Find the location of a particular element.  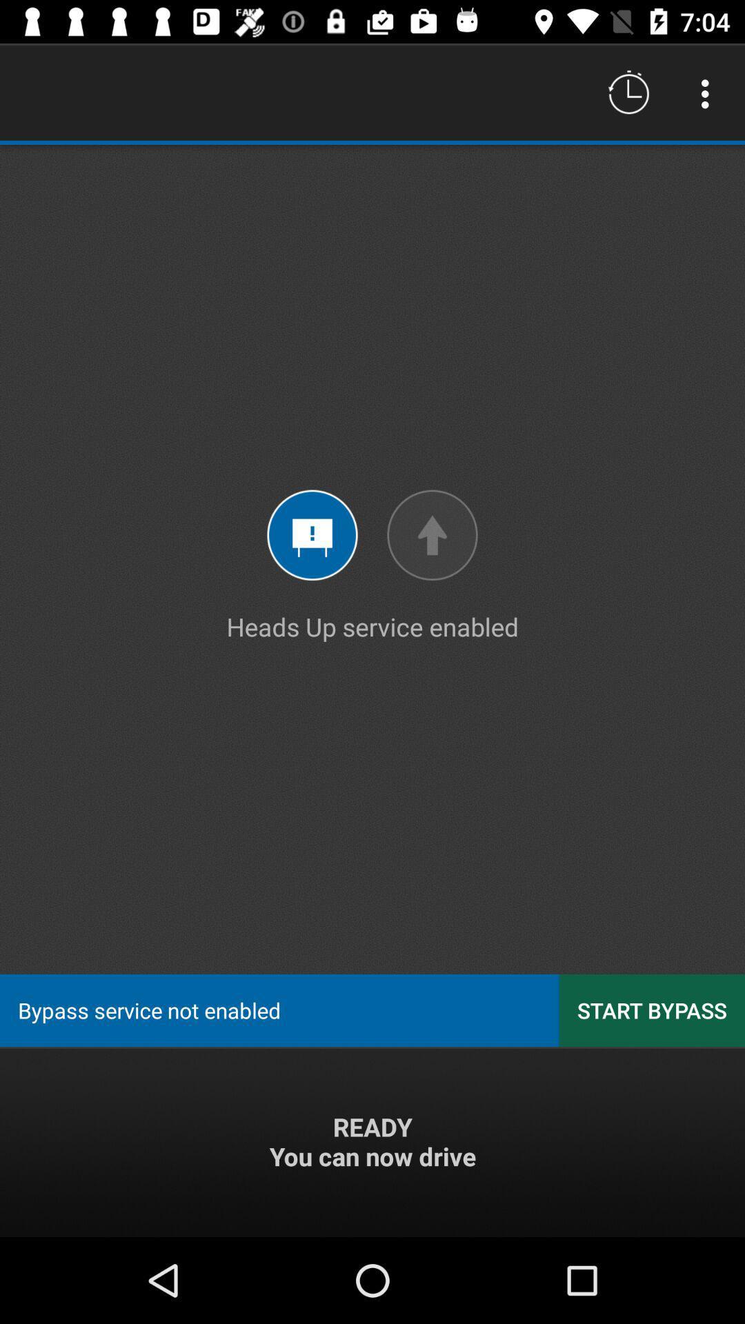

the item below the heads up service is located at coordinates (652, 1010).